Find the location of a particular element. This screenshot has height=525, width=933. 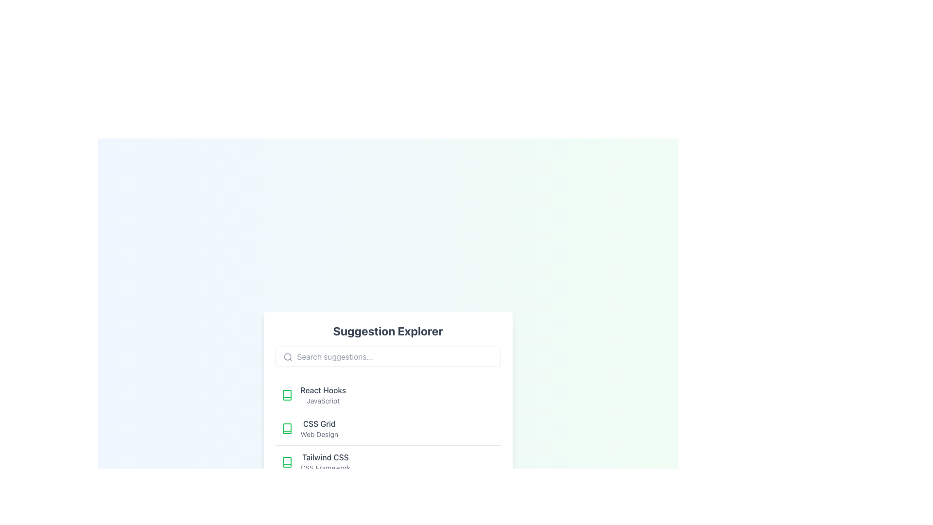

the green book icon that is positioned to the left of the text 'React Hooks' inside its list item is located at coordinates (286, 395).